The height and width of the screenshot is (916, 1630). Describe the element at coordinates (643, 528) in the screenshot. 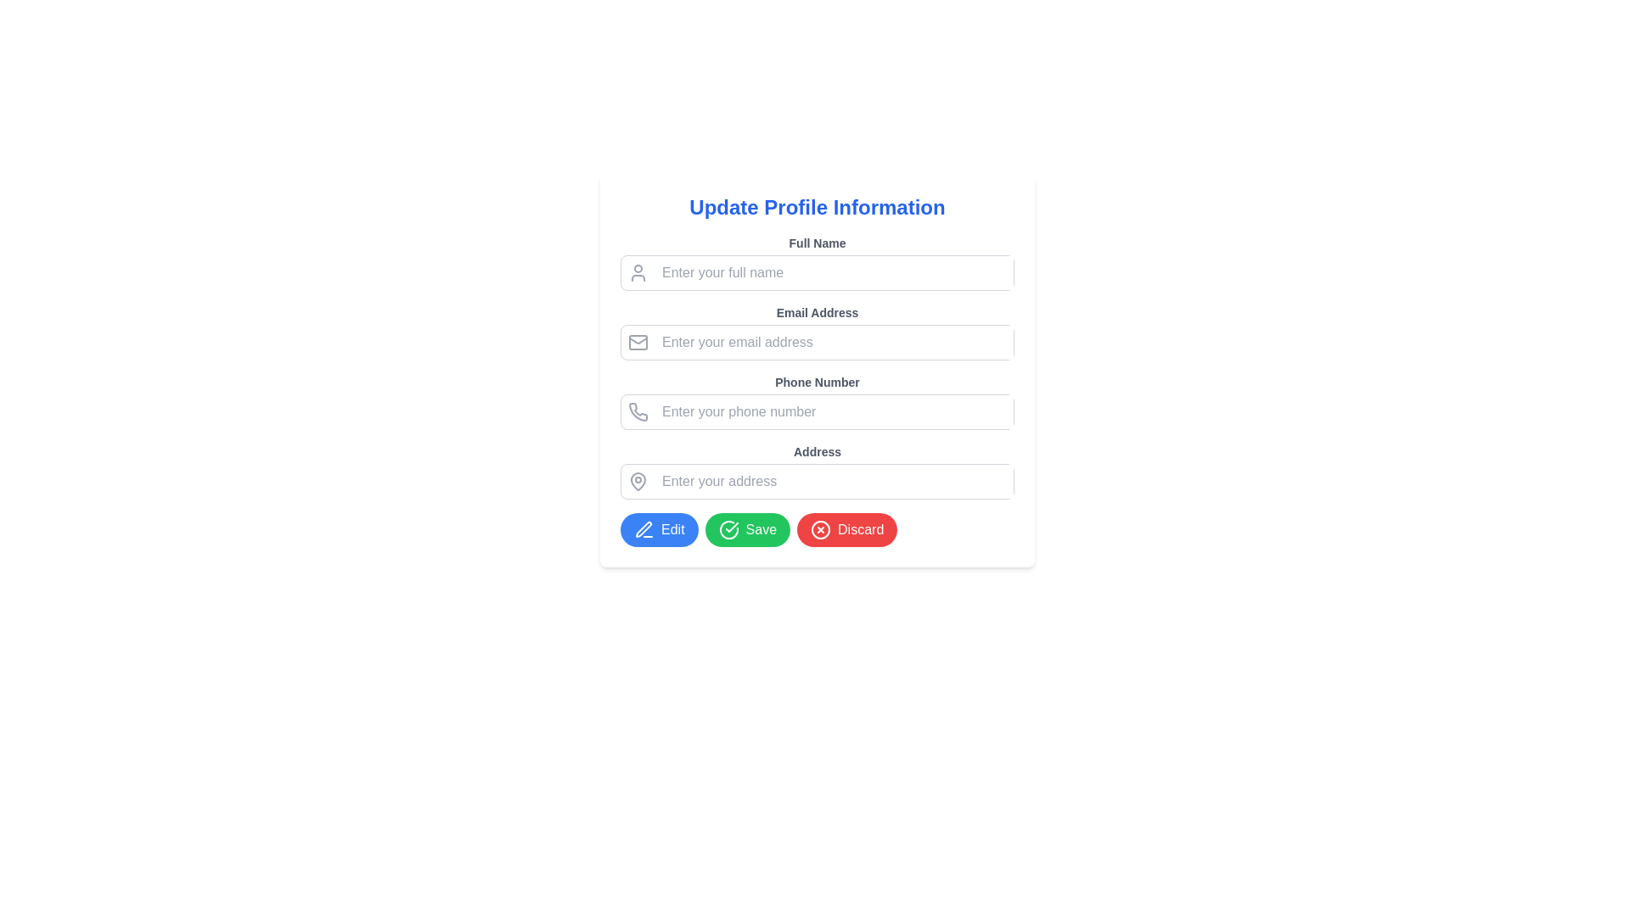

I see `the SVG icon of a pen with a blue border, located within the 'Edit' button in the lower-left corner of the form` at that location.